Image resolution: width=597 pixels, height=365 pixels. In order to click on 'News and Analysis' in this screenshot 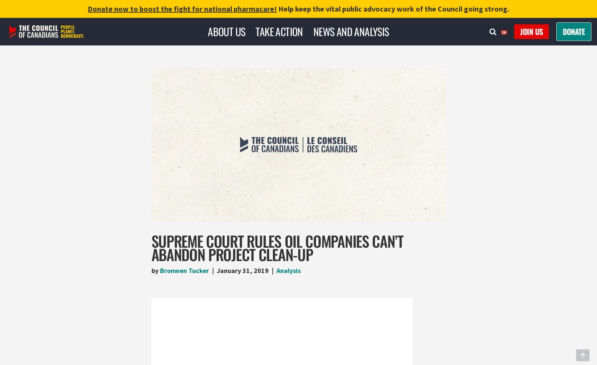, I will do `click(313, 31)`.